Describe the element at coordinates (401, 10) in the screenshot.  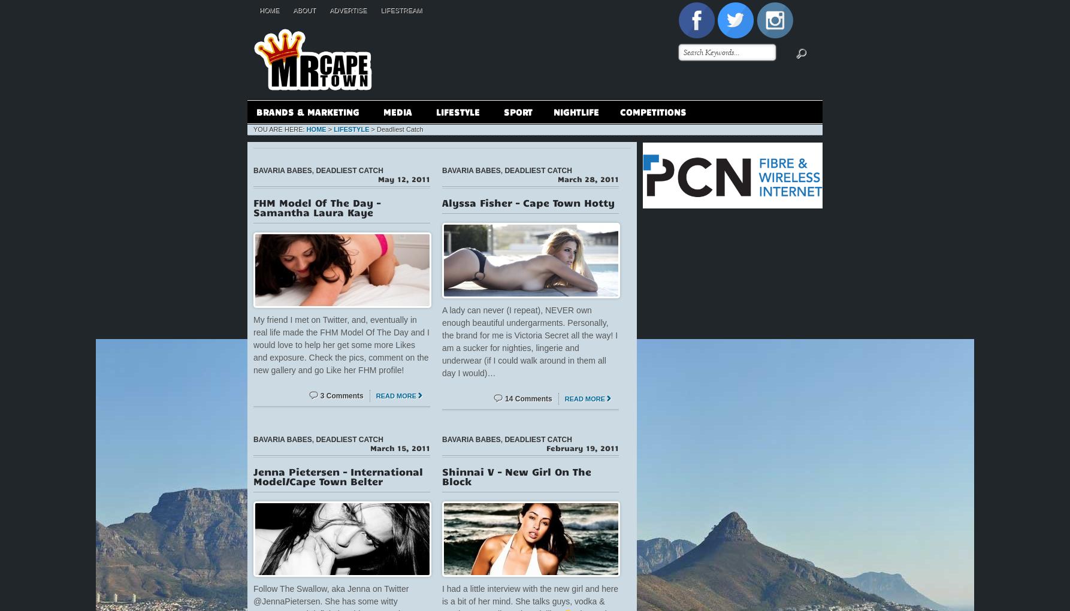
I see `'Lifestream'` at that location.